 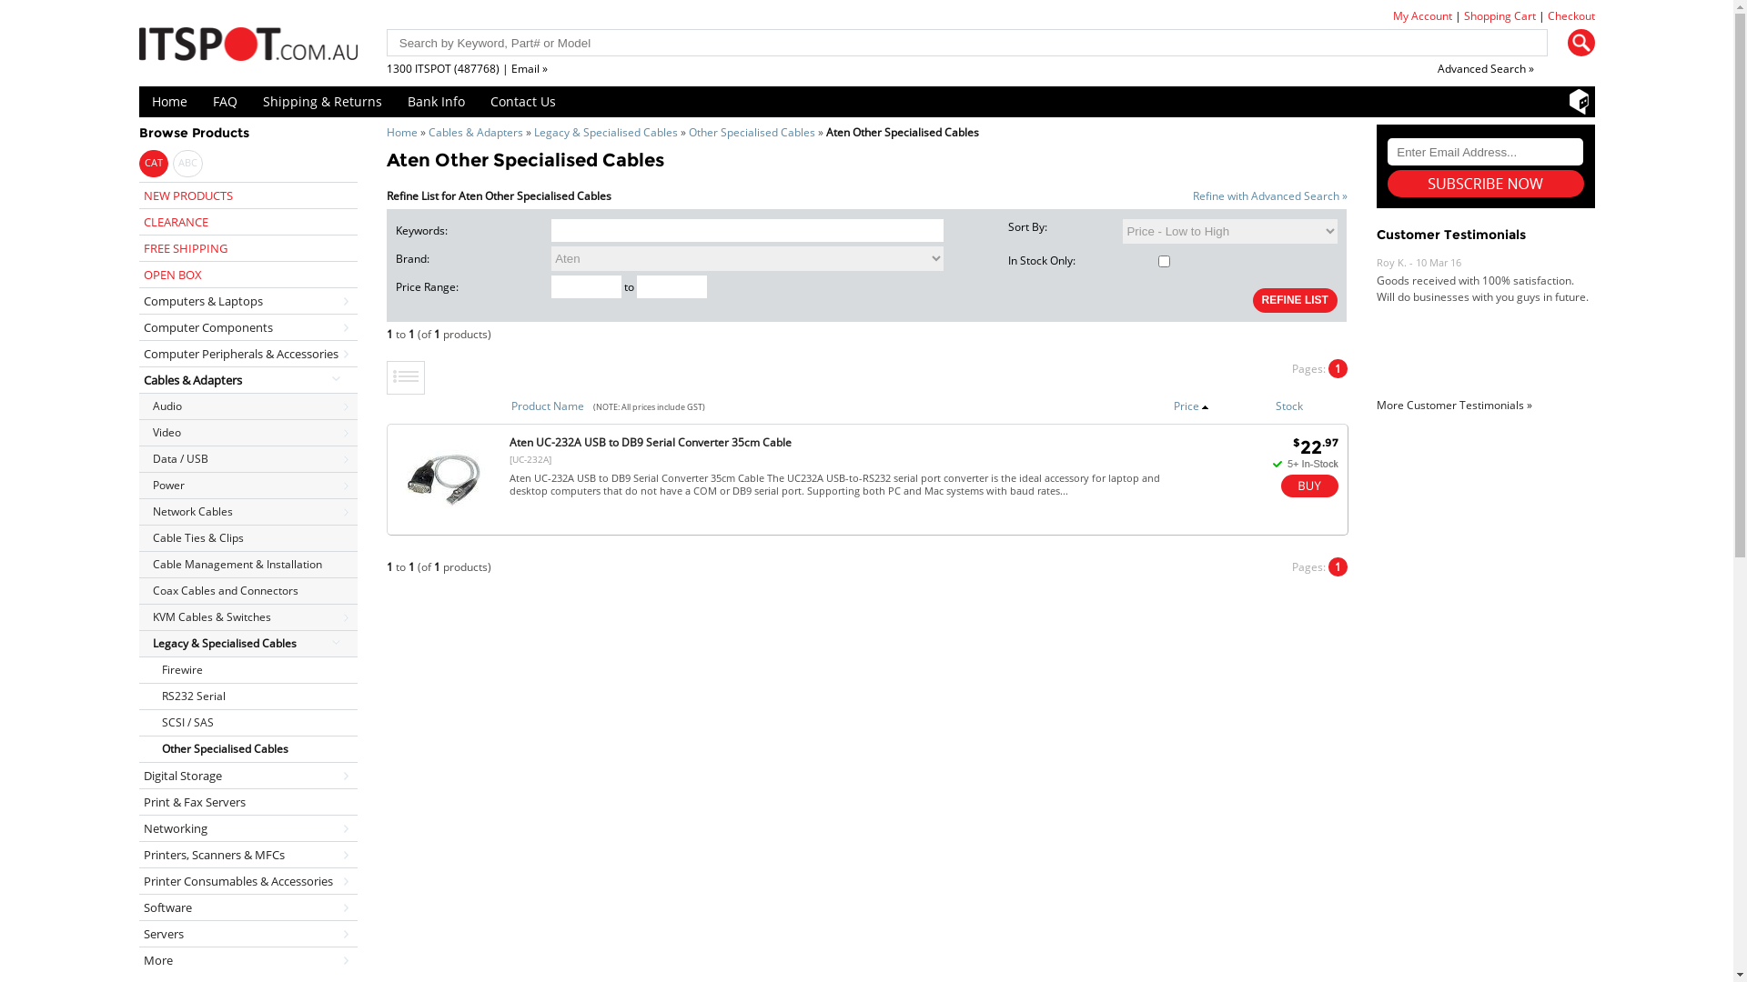 I want to click on 'Data / USB', so click(x=247, y=457).